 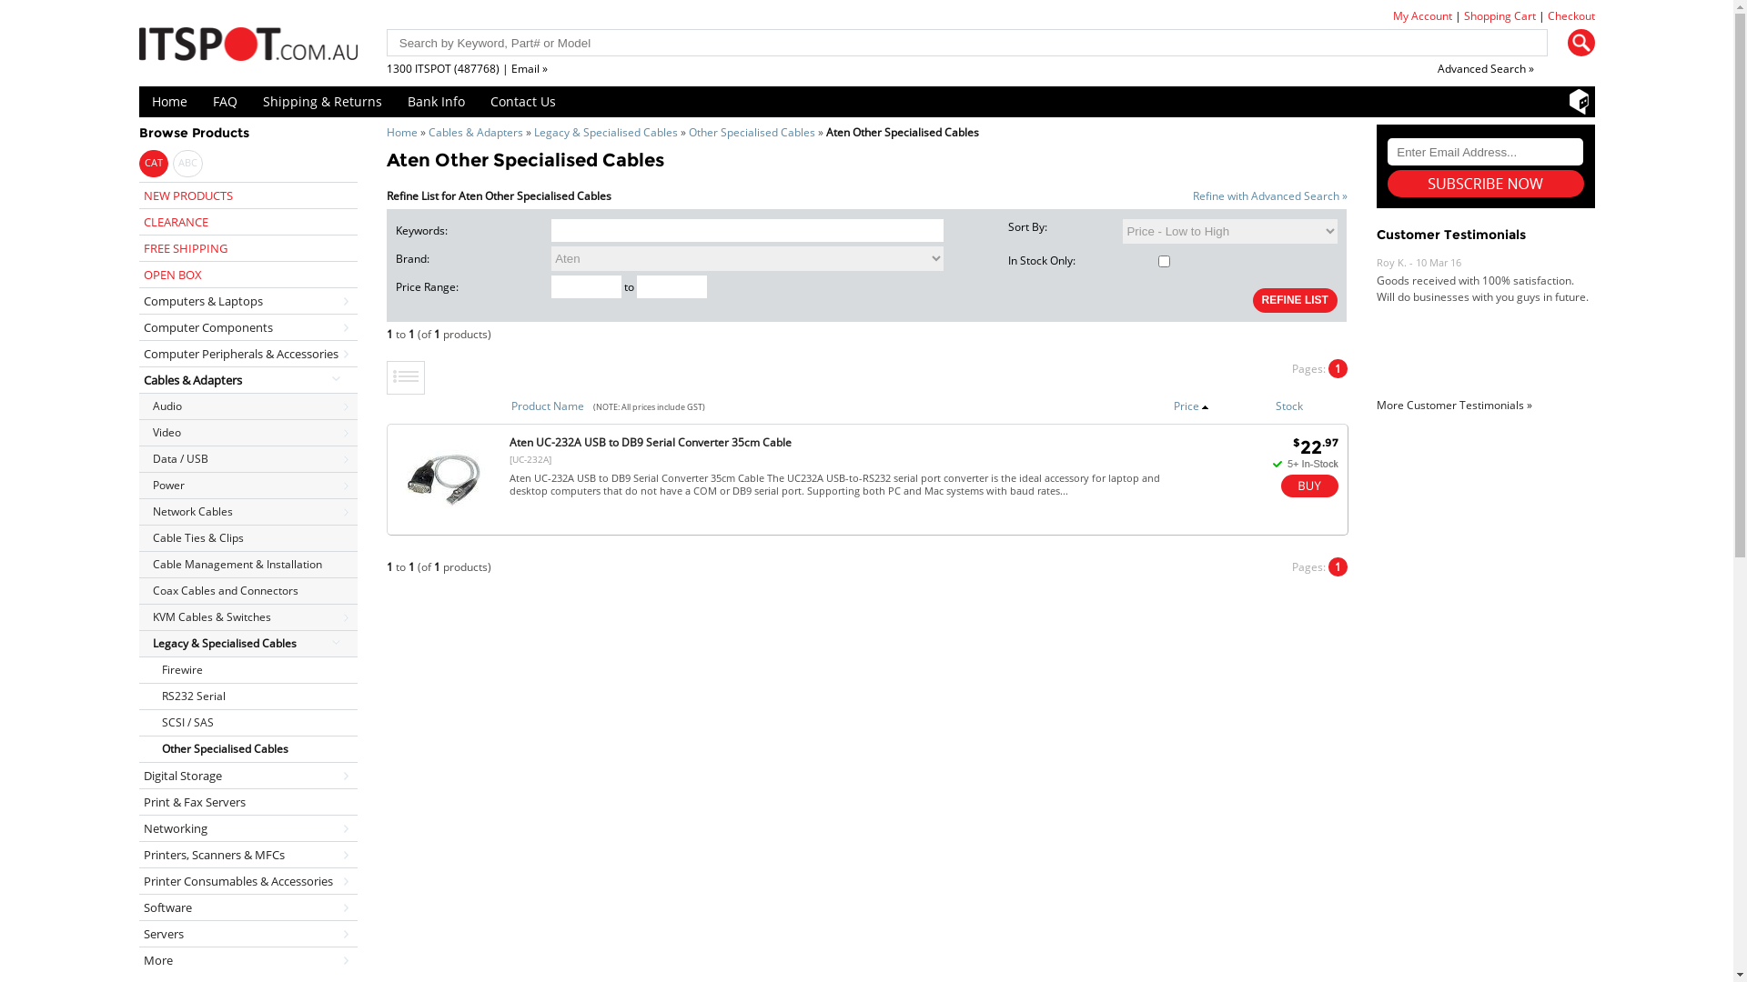 I want to click on 'Data / USB', so click(x=247, y=457).